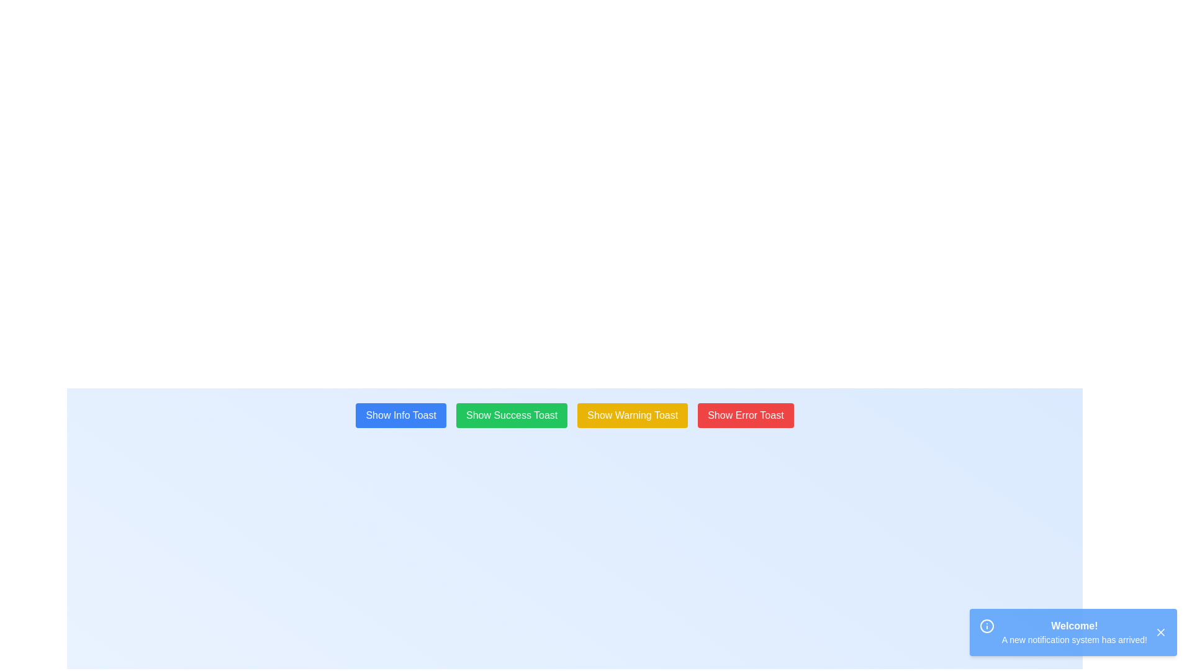 Image resolution: width=1192 pixels, height=671 pixels. What do you see at coordinates (1160, 632) in the screenshot?
I see `the small gray cross icon button located in the top-right corner of the notification box` at bounding box center [1160, 632].